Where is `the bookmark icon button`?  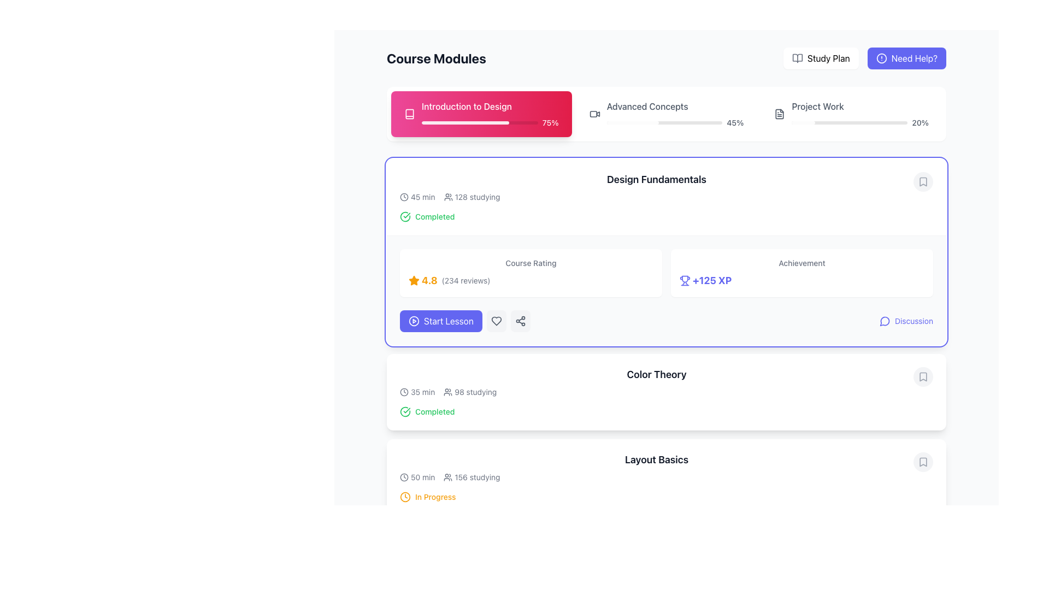
the bookmark icon button is located at coordinates (922, 181).